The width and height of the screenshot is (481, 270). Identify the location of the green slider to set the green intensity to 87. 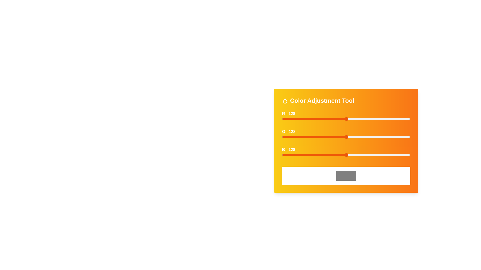
(326, 137).